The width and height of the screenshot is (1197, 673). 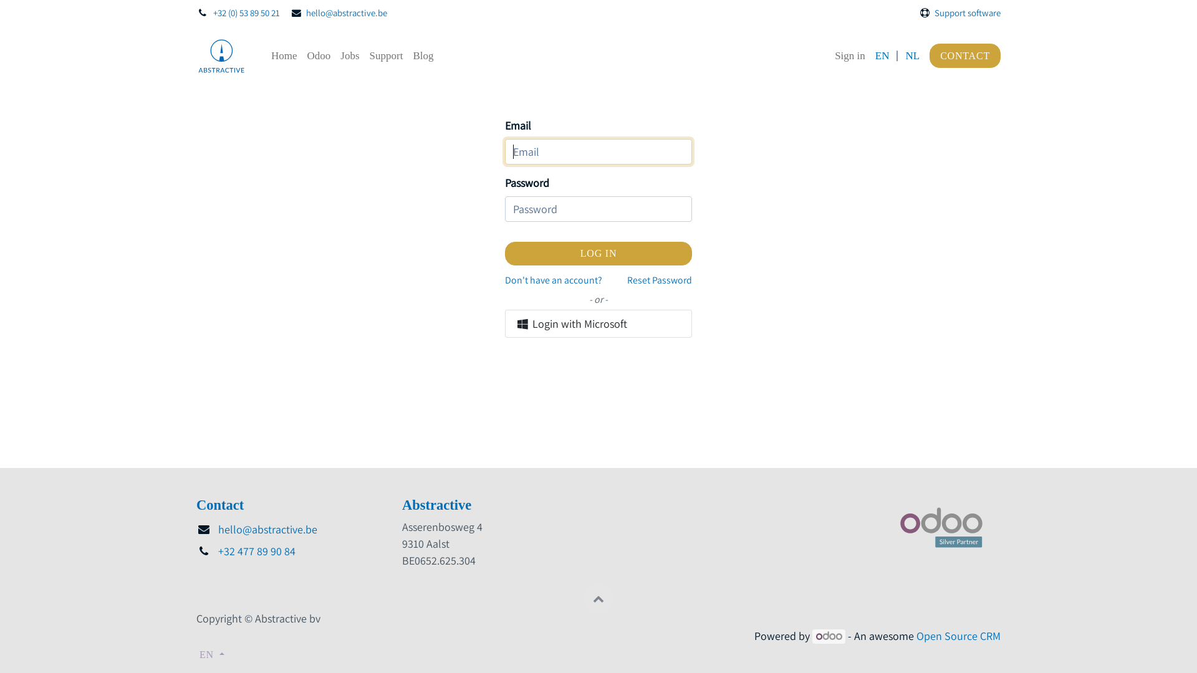 I want to click on 'Sign in', so click(x=849, y=55).